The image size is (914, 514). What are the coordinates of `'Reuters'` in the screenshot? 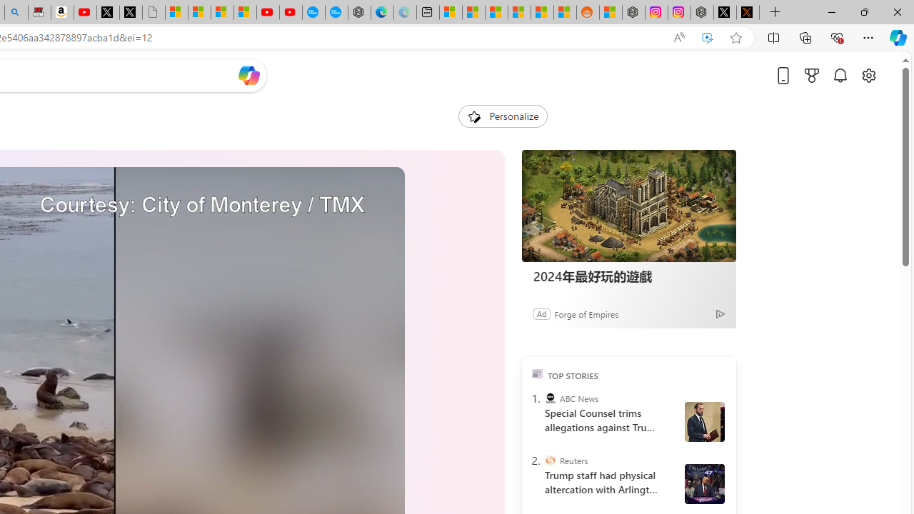 It's located at (549, 460).